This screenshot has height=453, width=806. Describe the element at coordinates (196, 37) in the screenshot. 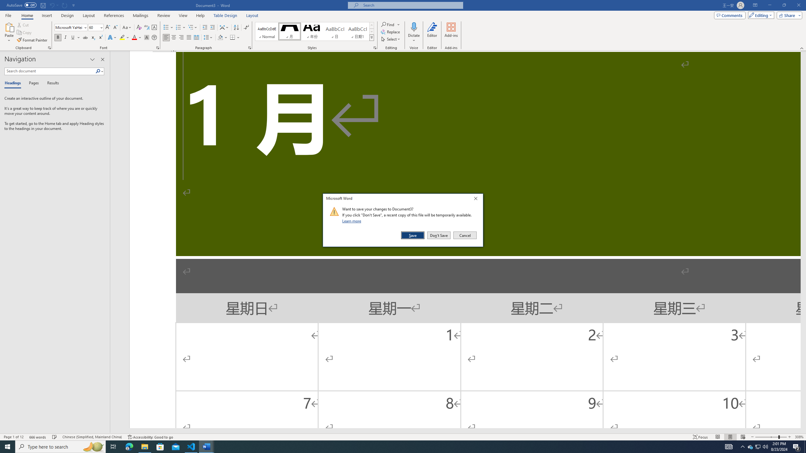

I see `'Distributed'` at that location.